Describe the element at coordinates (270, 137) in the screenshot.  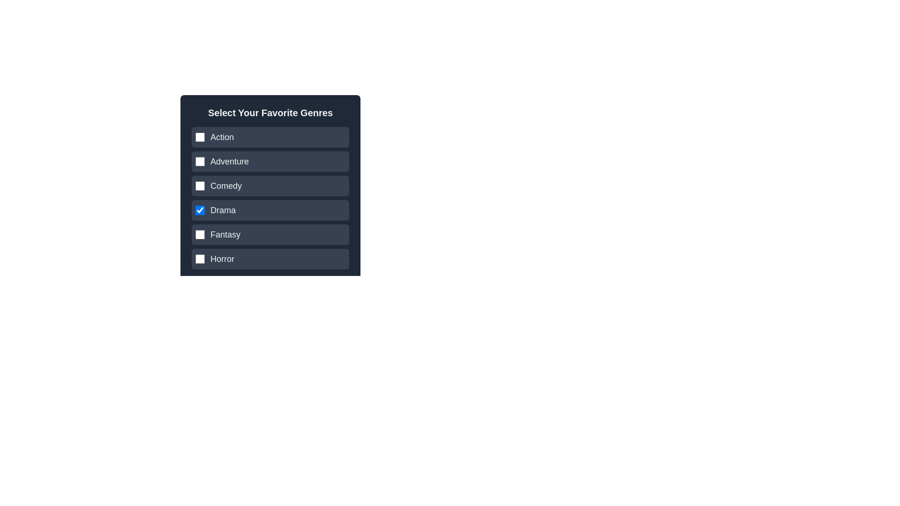
I see `the Checkbox for the 'Action' genre located at the top of the list below the title 'Select Your Favorite Genres'` at that location.